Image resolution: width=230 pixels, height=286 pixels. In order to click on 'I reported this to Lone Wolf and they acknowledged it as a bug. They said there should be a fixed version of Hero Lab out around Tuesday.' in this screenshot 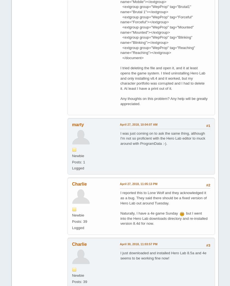, I will do `click(120, 198)`.